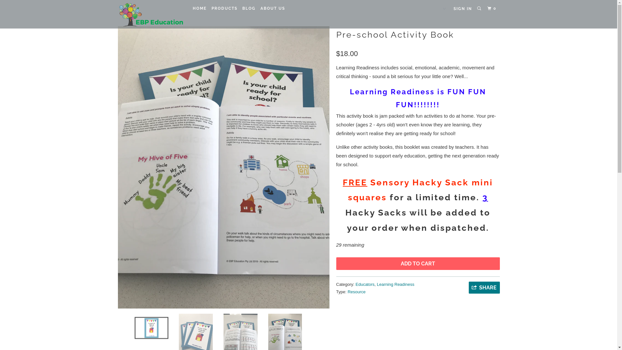 This screenshot has height=350, width=622. I want to click on 'BLOG', so click(248, 8).